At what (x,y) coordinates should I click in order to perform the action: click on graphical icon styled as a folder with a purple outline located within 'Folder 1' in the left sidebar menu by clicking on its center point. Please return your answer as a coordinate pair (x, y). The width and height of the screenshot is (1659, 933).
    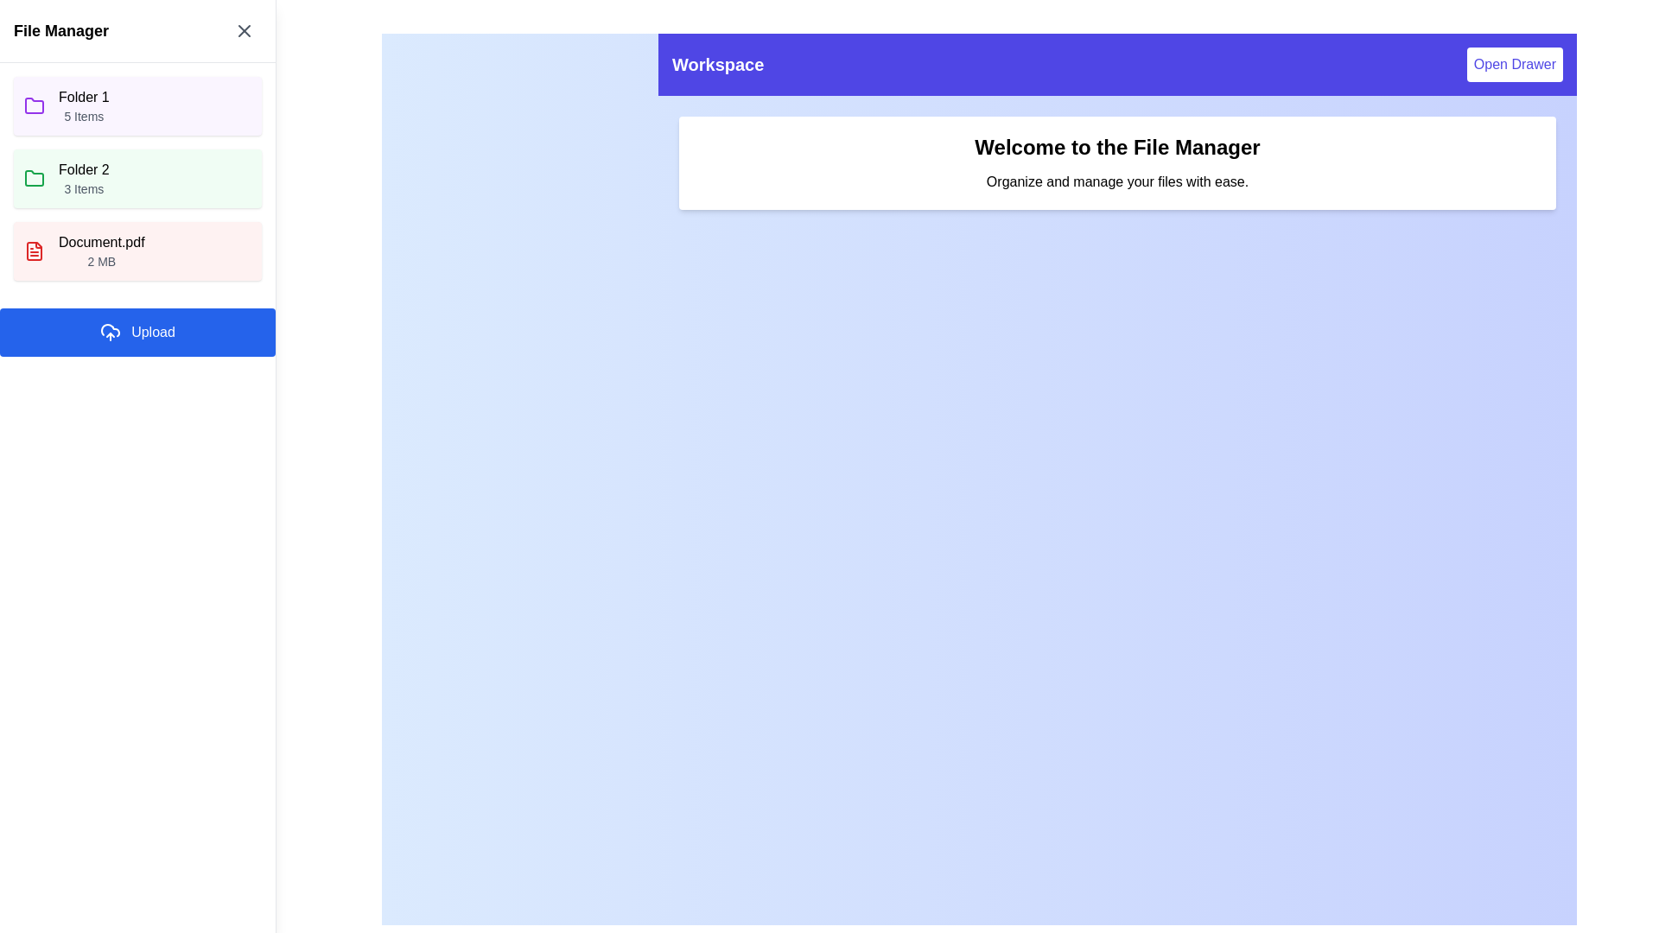
    Looking at the image, I should click on (34, 105).